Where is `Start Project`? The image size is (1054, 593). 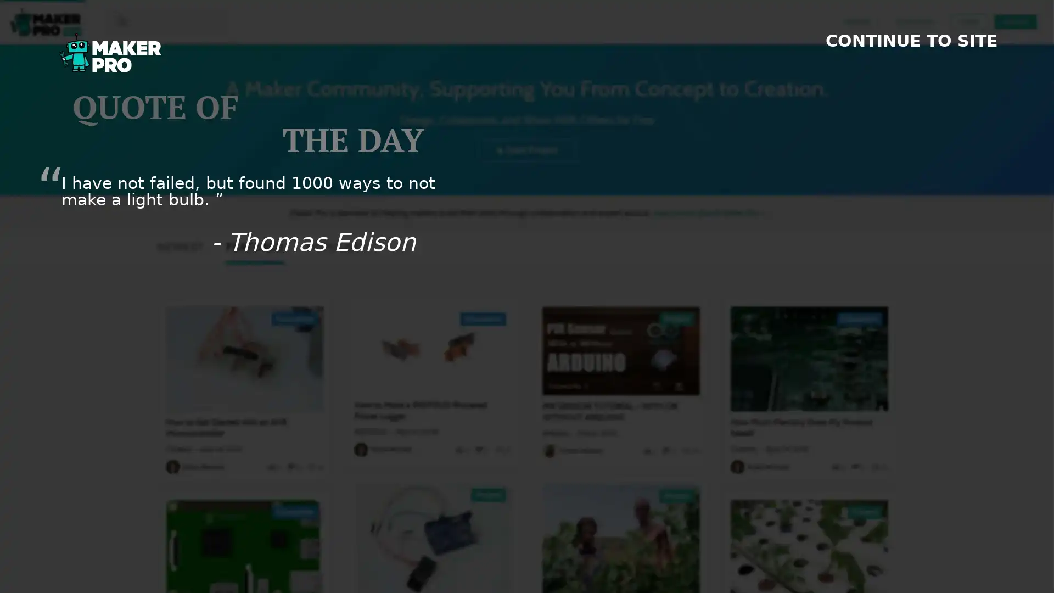 Start Project is located at coordinates (527, 149).